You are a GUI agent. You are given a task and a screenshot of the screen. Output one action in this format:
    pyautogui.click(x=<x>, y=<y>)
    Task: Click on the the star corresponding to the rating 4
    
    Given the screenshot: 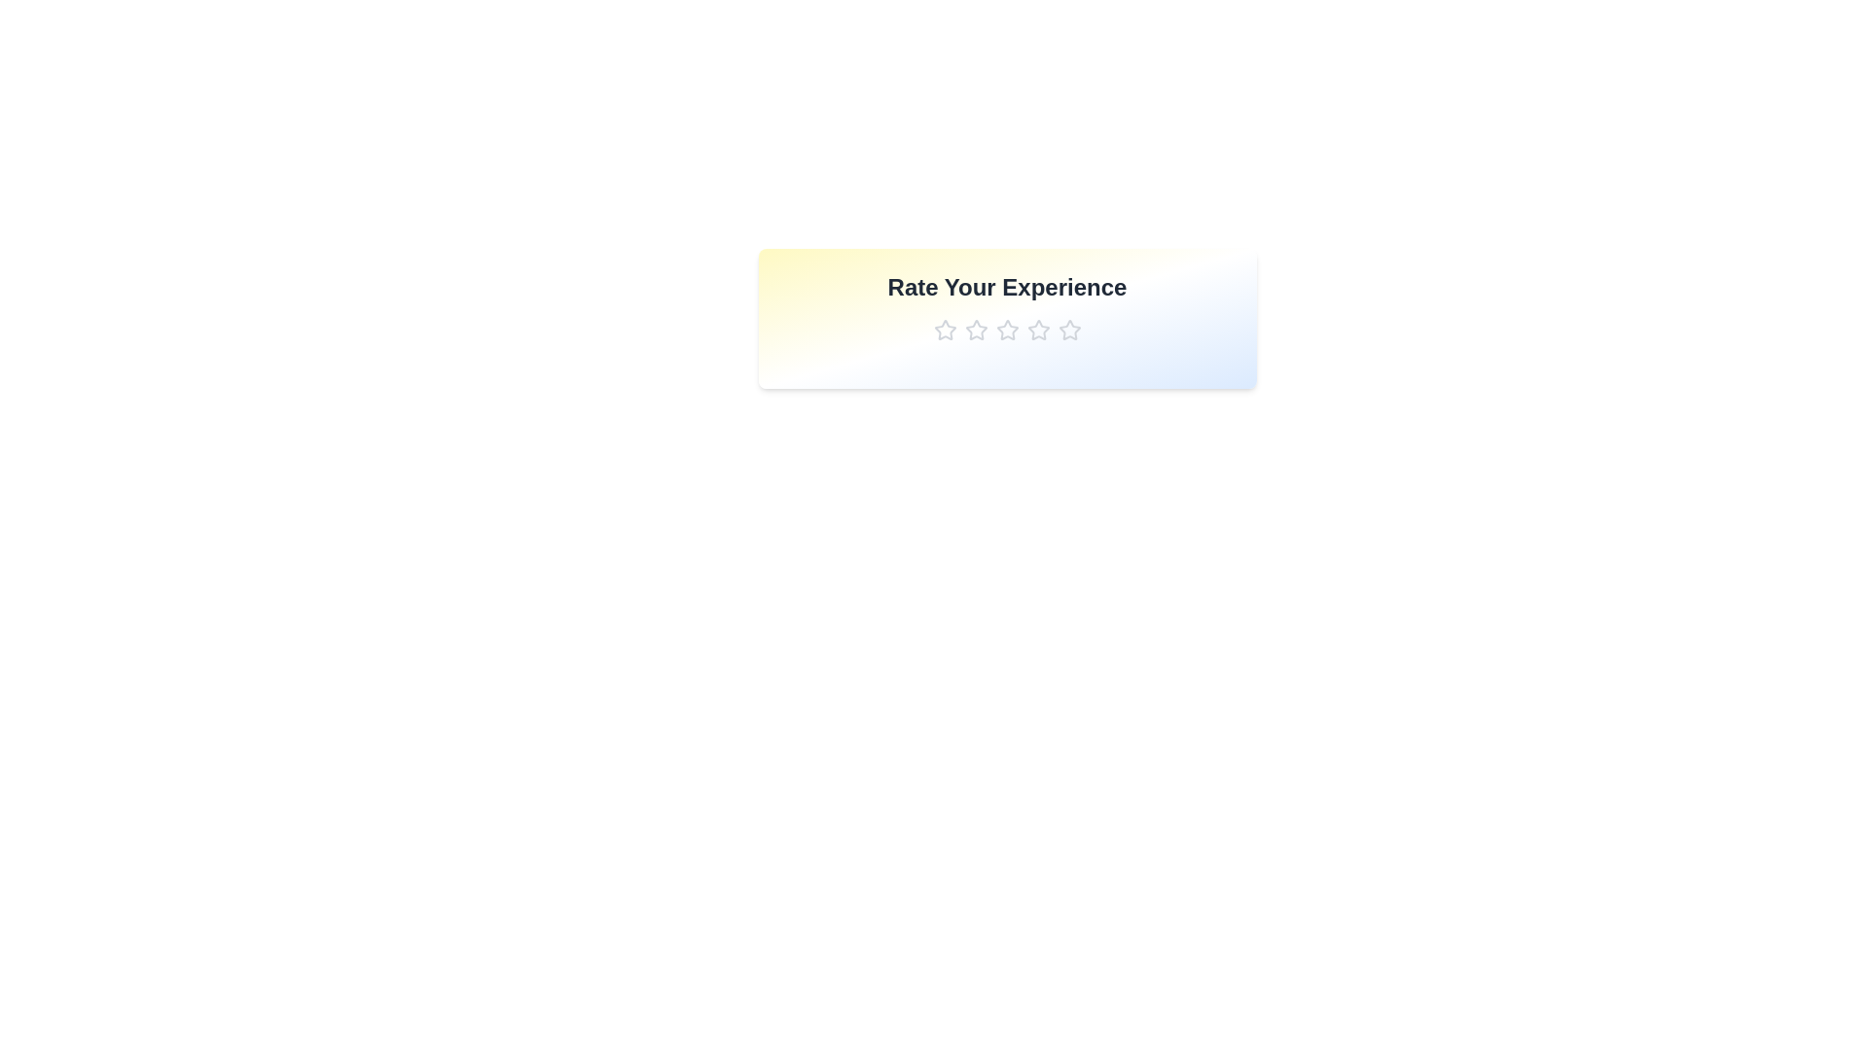 What is the action you would take?
    pyautogui.click(x=1037, y=329)
    